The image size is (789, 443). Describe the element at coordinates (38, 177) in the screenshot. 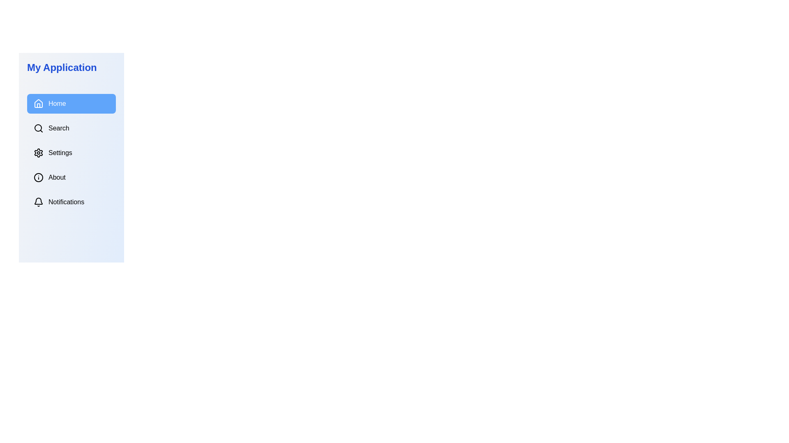

I see `the circular icon representing the 'About' menu option, which is styled with a black border and located next to the text 'About'` at that location.